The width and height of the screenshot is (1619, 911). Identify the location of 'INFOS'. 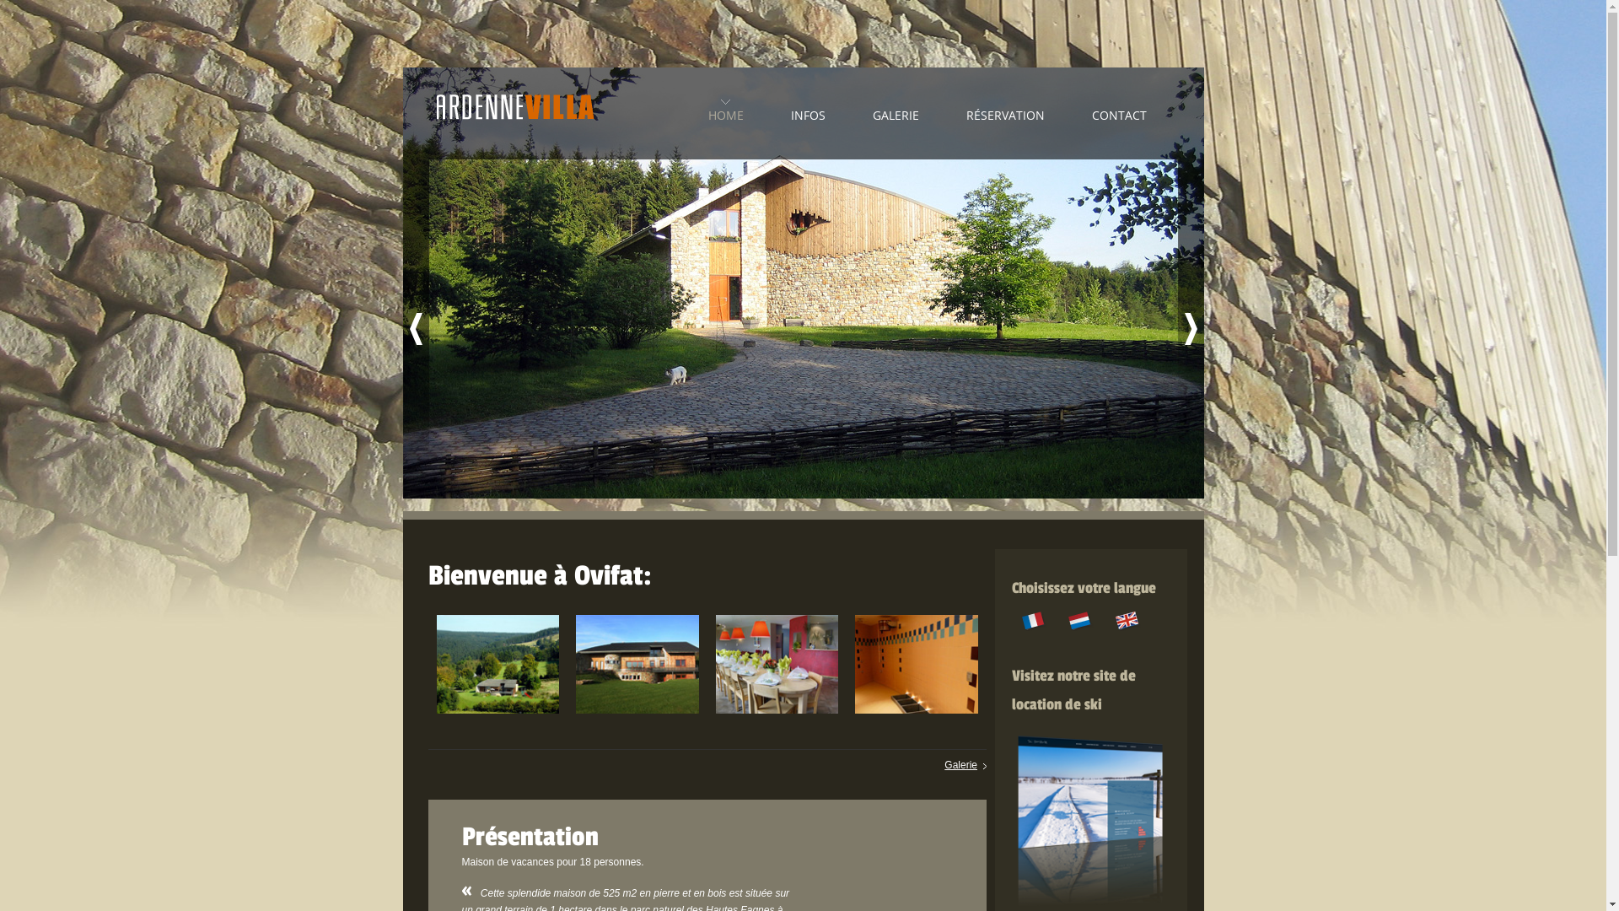
(807, 111).